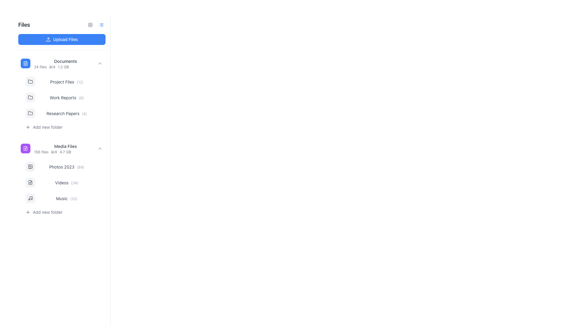 The image size is (584, 328). I want to click on the 'Documents' collapsible list item, so click(62, 63).